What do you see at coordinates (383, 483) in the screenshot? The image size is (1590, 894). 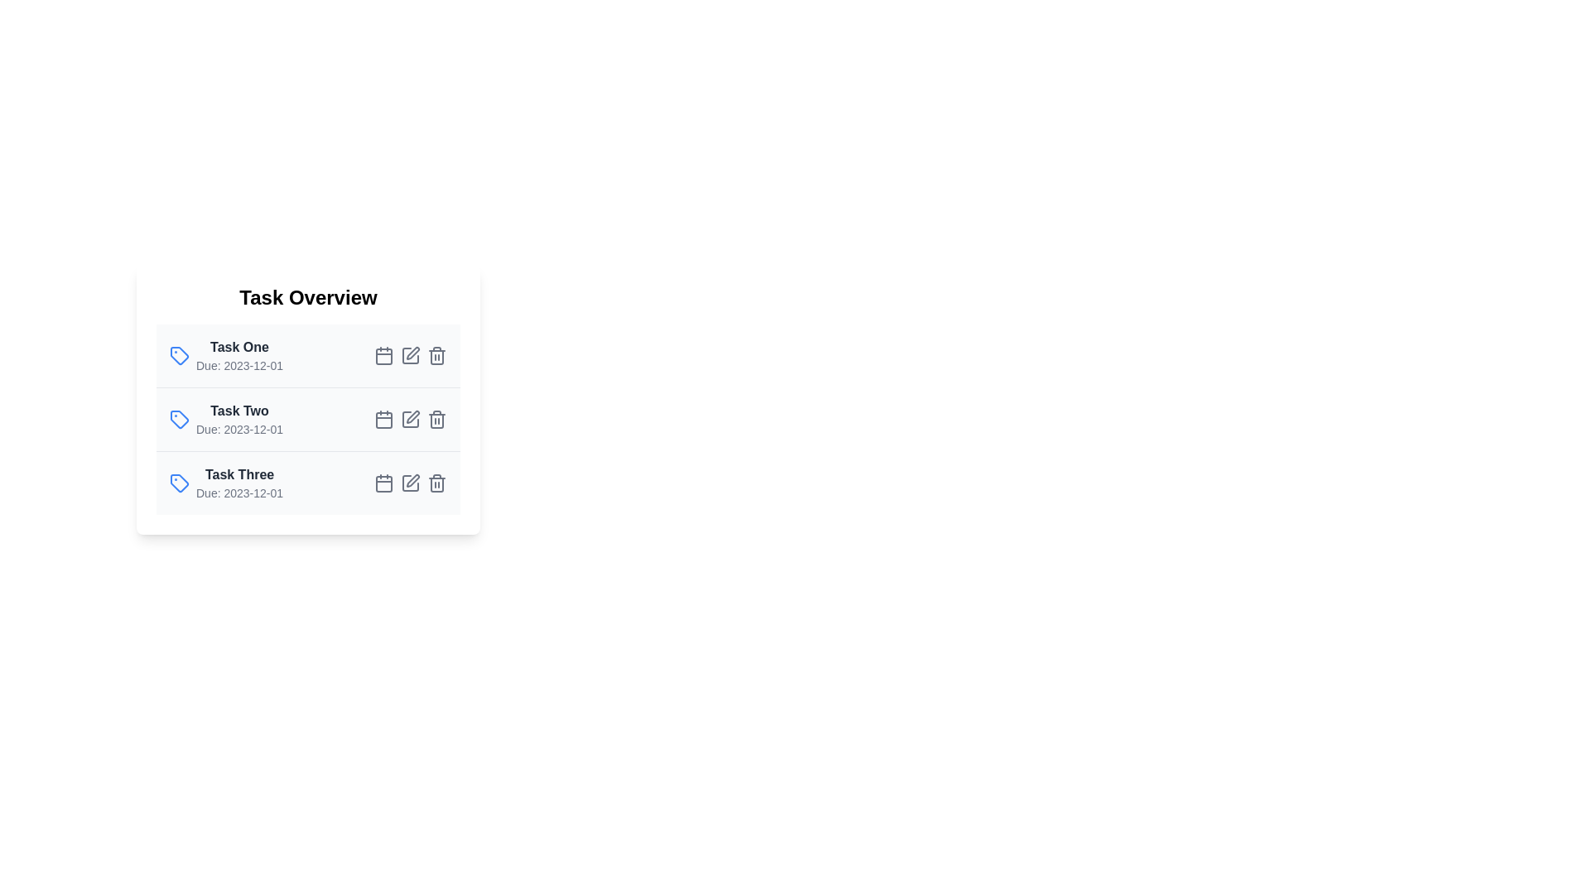 I see `the calendar icon button, which is the first icon in the third task row of the task overview panel` at bounding box center [383, 483].